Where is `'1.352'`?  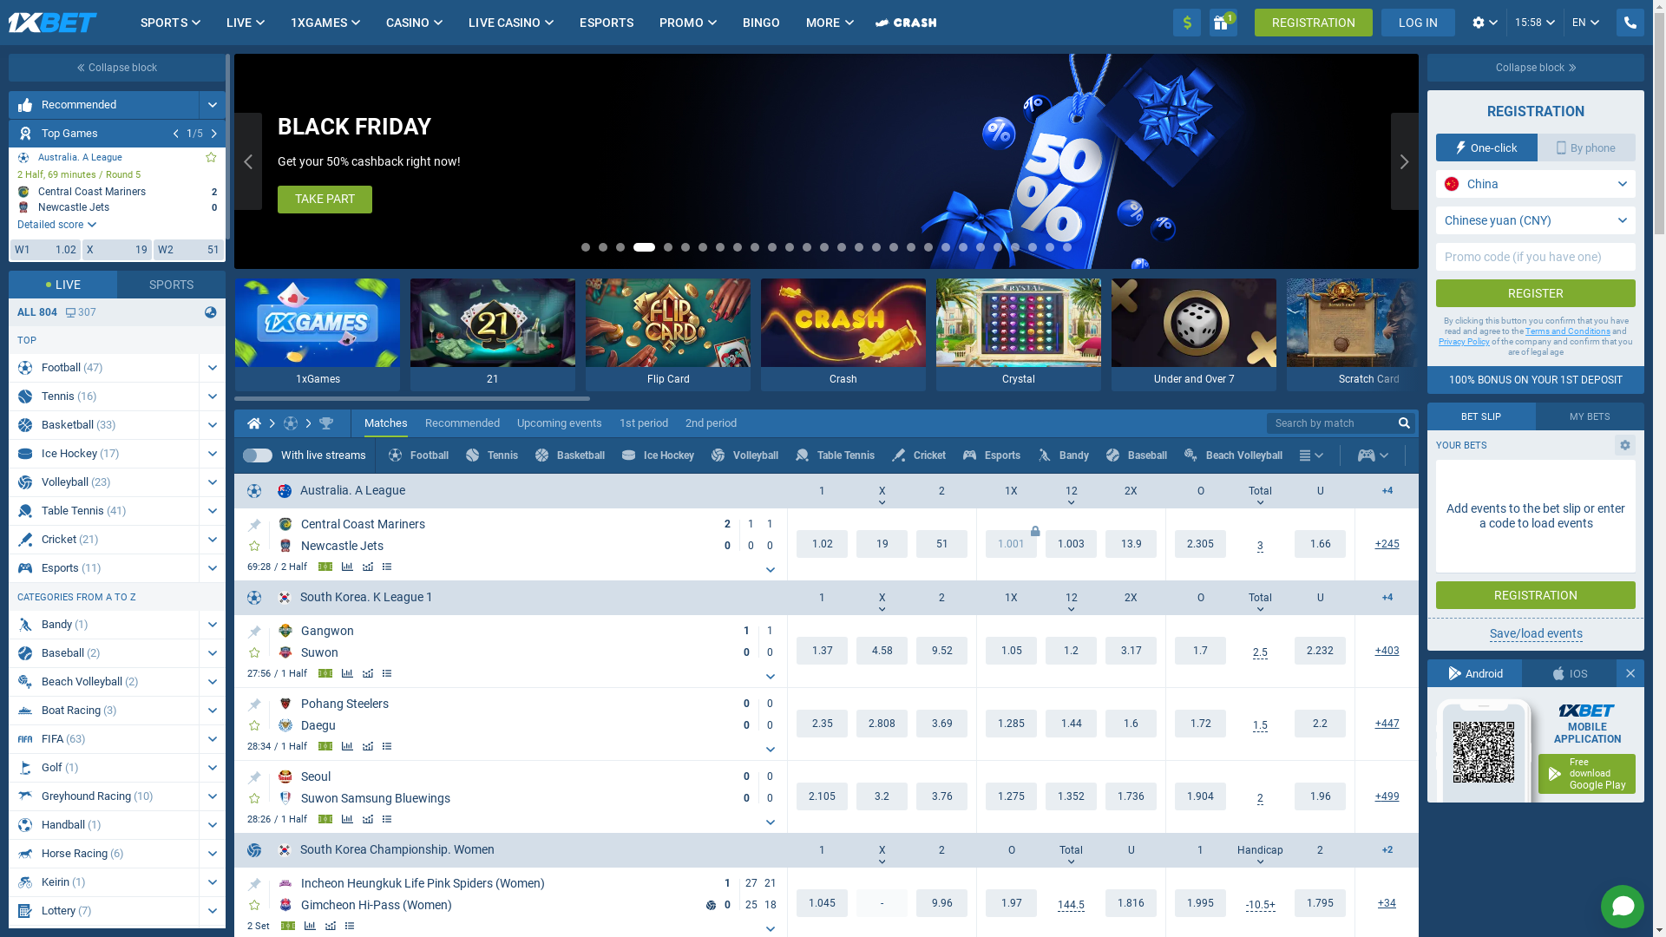 '1.352' is located at coordinates (1044, 796).